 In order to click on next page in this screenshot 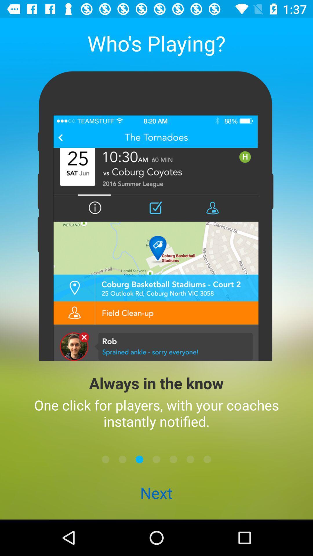, I will do `click(156, 459)`.